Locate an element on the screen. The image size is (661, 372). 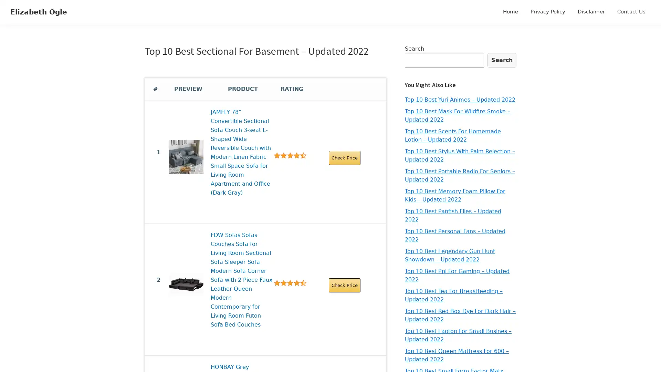
Search is located at coordinates (502, 60).